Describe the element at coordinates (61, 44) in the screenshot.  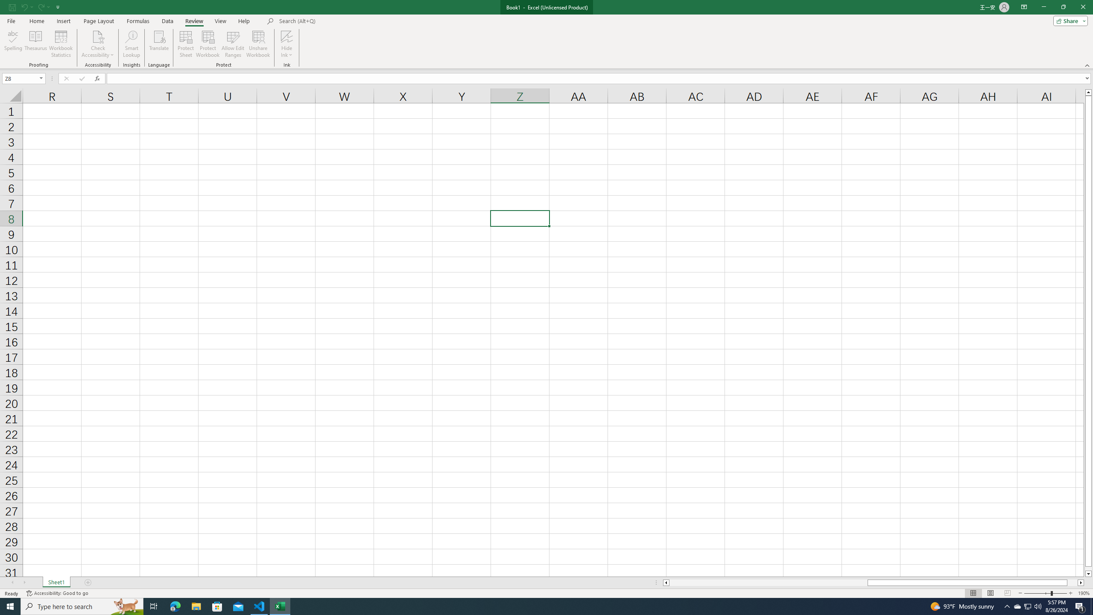
I see `'Workbook Statistics'` at that location.